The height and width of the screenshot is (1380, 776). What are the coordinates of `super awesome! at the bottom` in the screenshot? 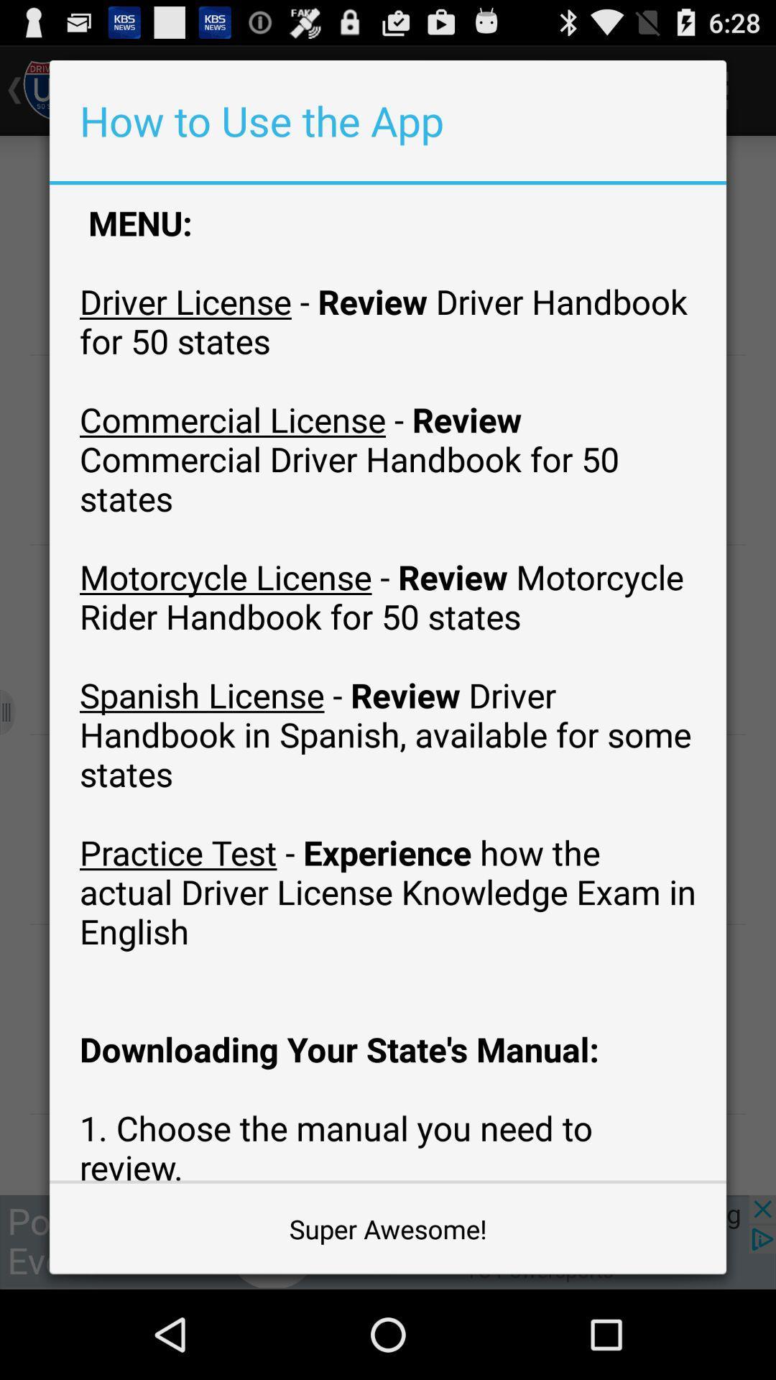 It's located at (388, 1228).